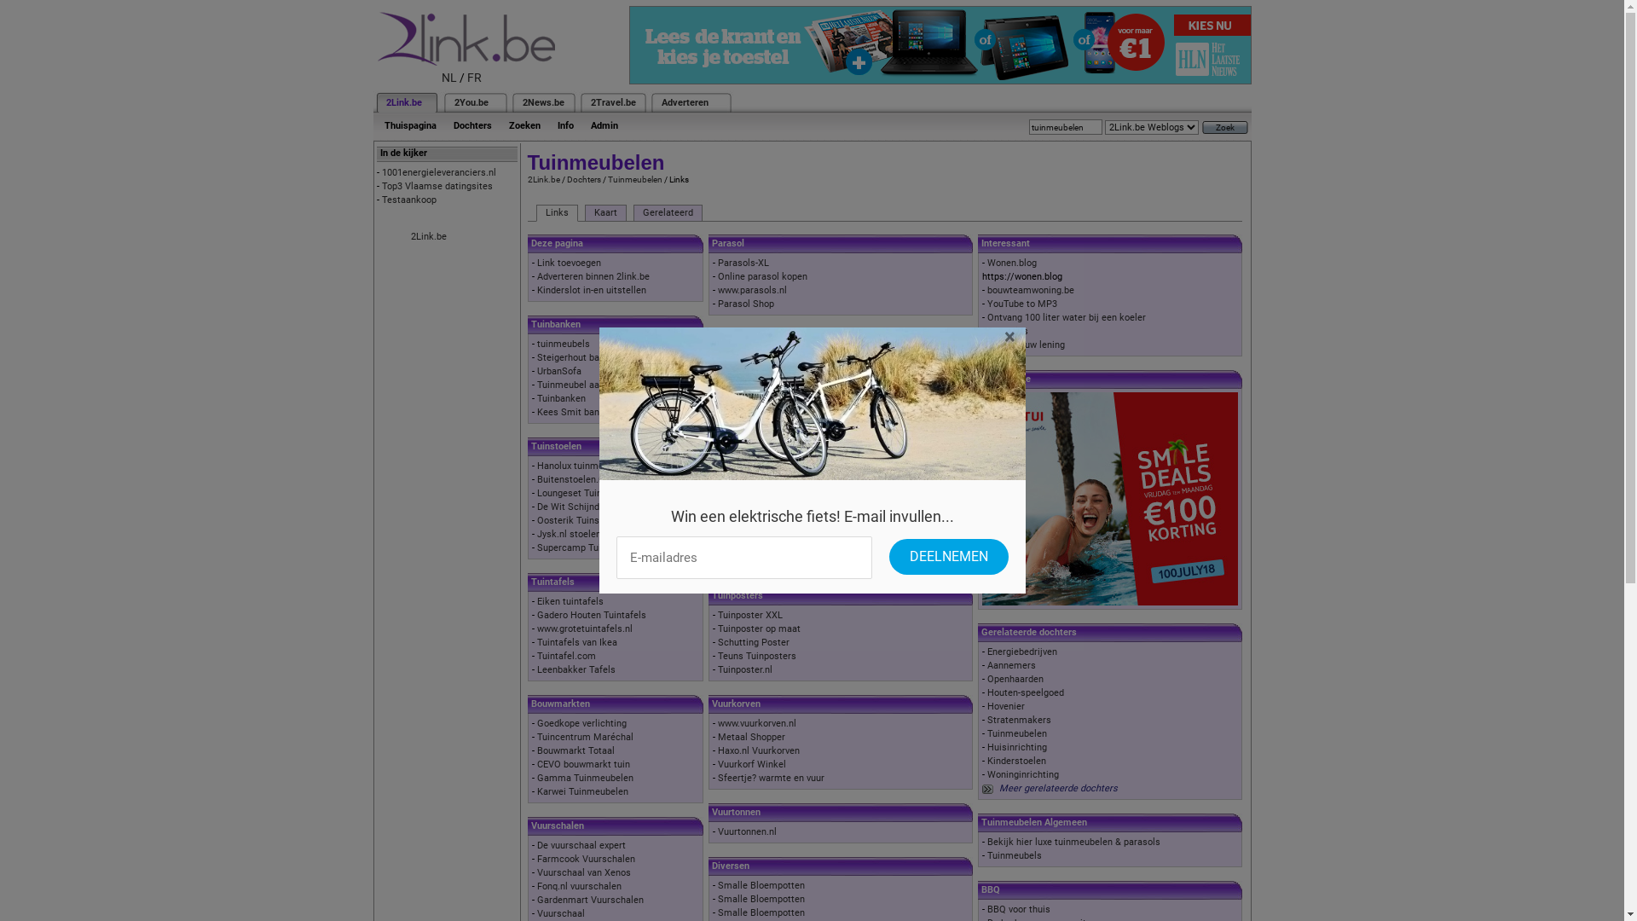 The image size is (1637, 921). What do you see at coordinates (1025, 692) in the screenshot?
I see `'Houten-speelgoed'` at bounding box center [1025, 692].